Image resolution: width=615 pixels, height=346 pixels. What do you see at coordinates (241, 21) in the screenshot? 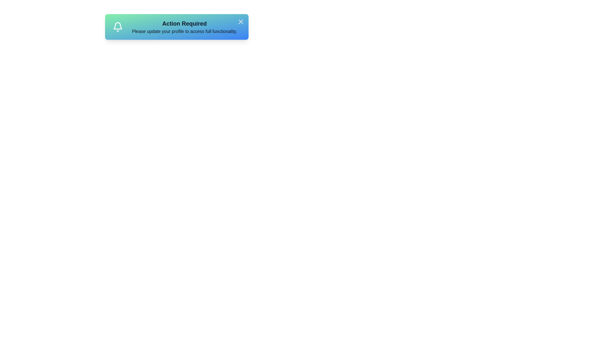
I see `close button on the notification card to dismiss it` at bounding box center [241, 21].